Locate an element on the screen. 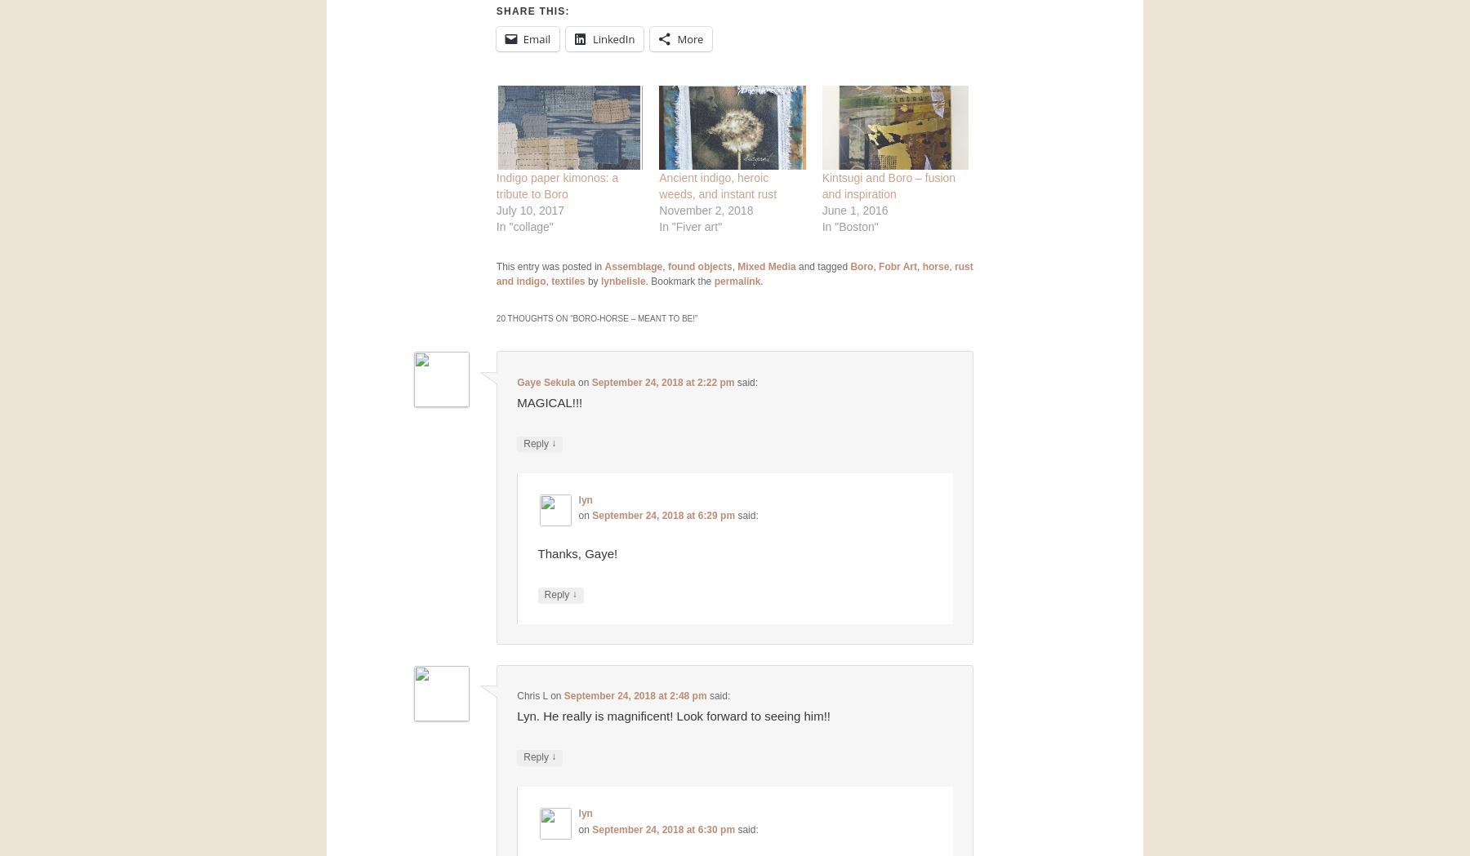  'September 24, 2018 at 6:30 pm' is located at coordinates (663, 828).